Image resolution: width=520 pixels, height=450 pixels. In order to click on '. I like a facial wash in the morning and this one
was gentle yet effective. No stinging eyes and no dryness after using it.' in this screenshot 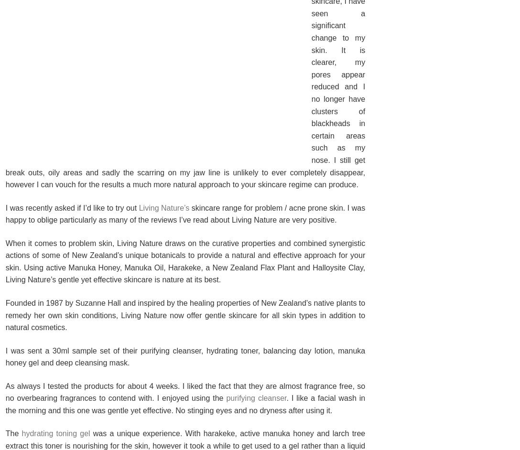, I will do `click(5, 404)`.